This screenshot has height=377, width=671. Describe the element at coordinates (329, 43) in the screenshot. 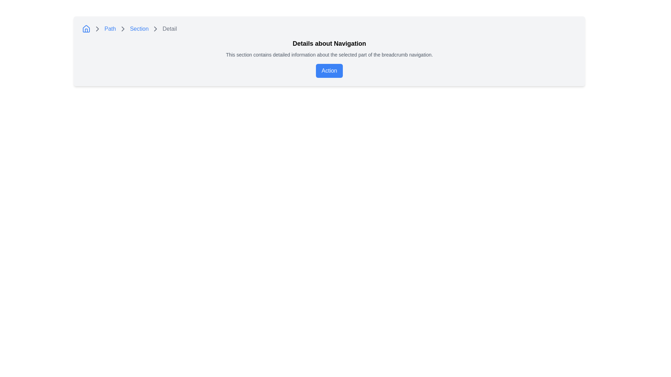

I see `the Text (Heading) element that serves as a title for the section, located at the top of the section containing descriptive text and an action button below it` at that location.